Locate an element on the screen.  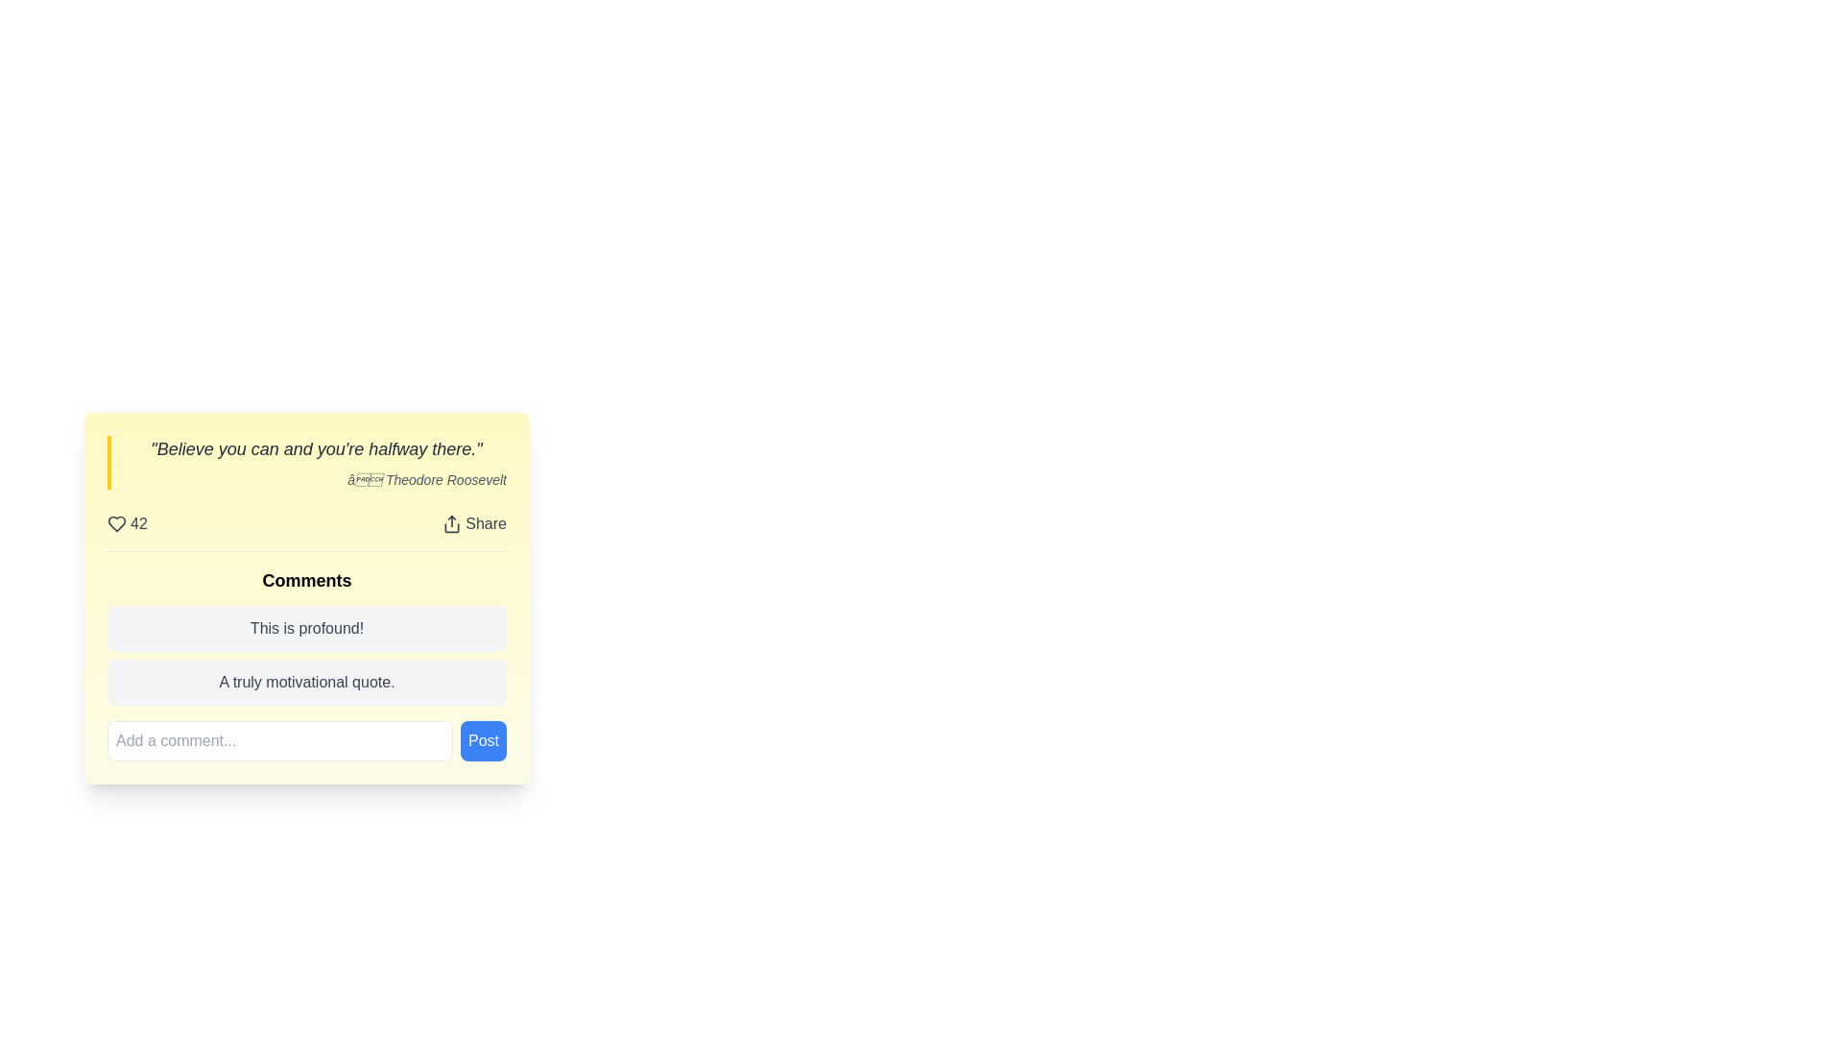
the share icon located in the top-right of the card layout to initiate sharing is located at coordinates (451, 524).